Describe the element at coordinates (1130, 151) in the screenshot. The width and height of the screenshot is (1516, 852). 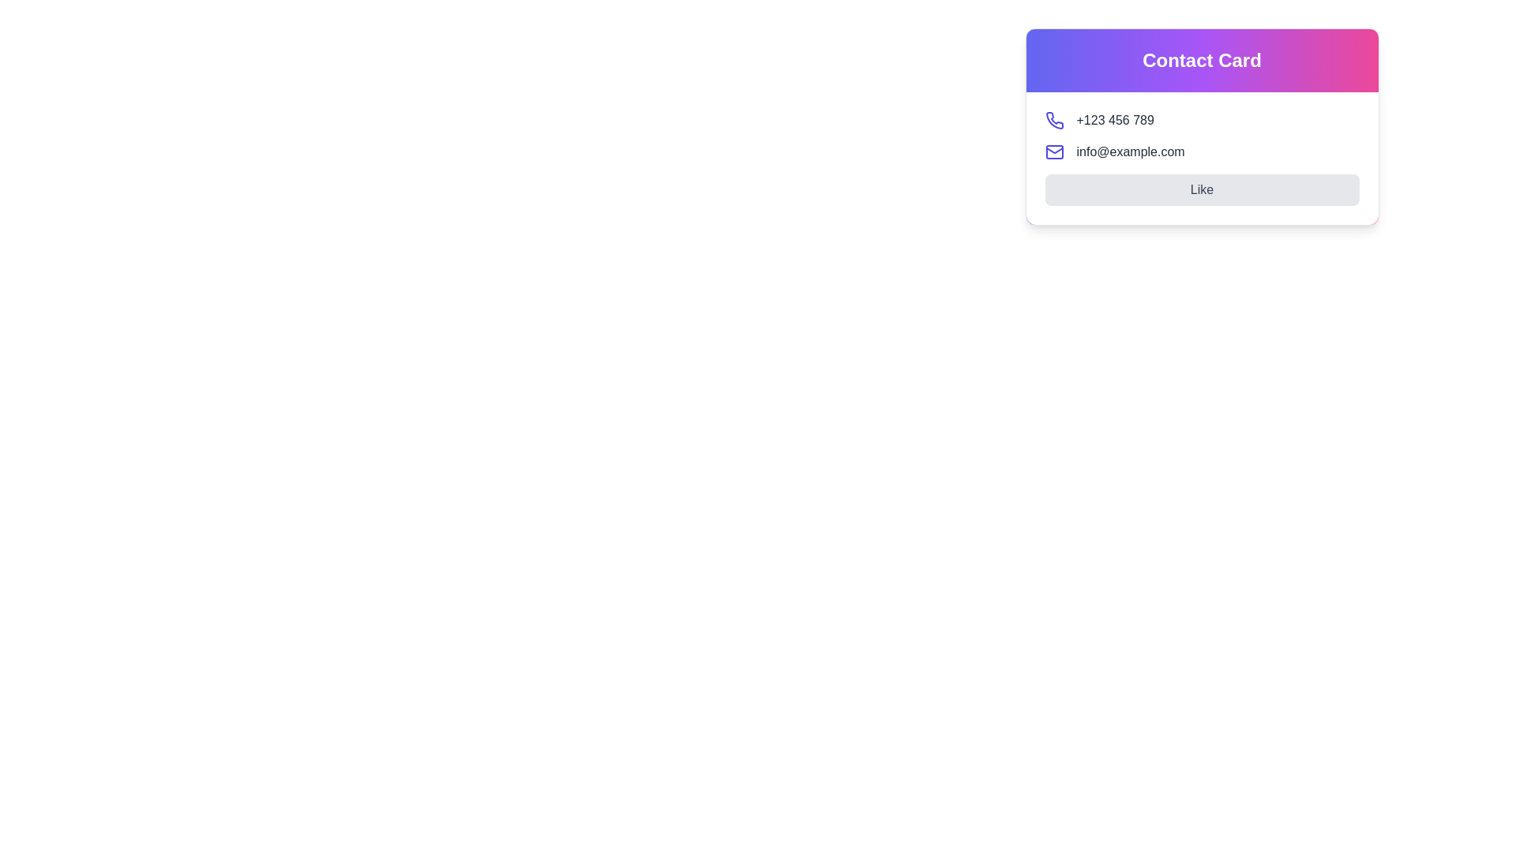
I see `the email address 'info@example.com'` at that location.